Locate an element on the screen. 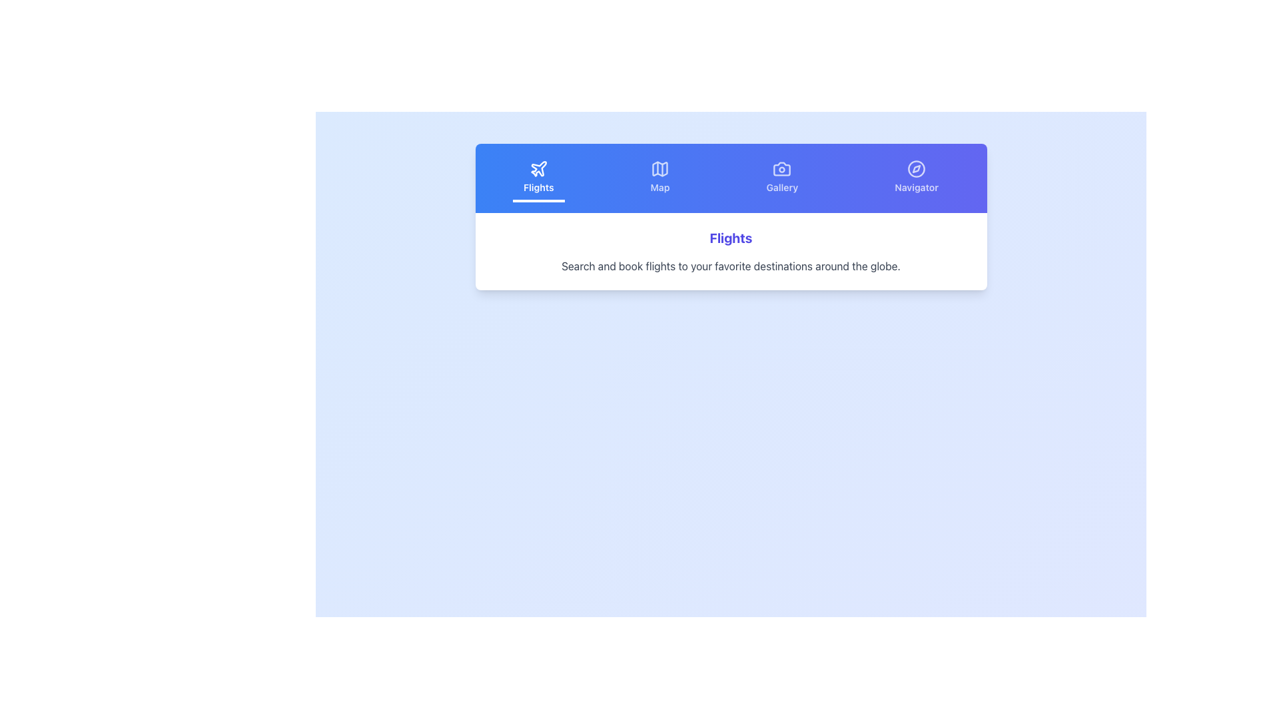 The width and height of the screenshot is (1279, 719). the icon that visually supports the 'Flights' navigation button, which is positioned at the top center of the button labeled 'Flights' is located at coordinates (538, 168).